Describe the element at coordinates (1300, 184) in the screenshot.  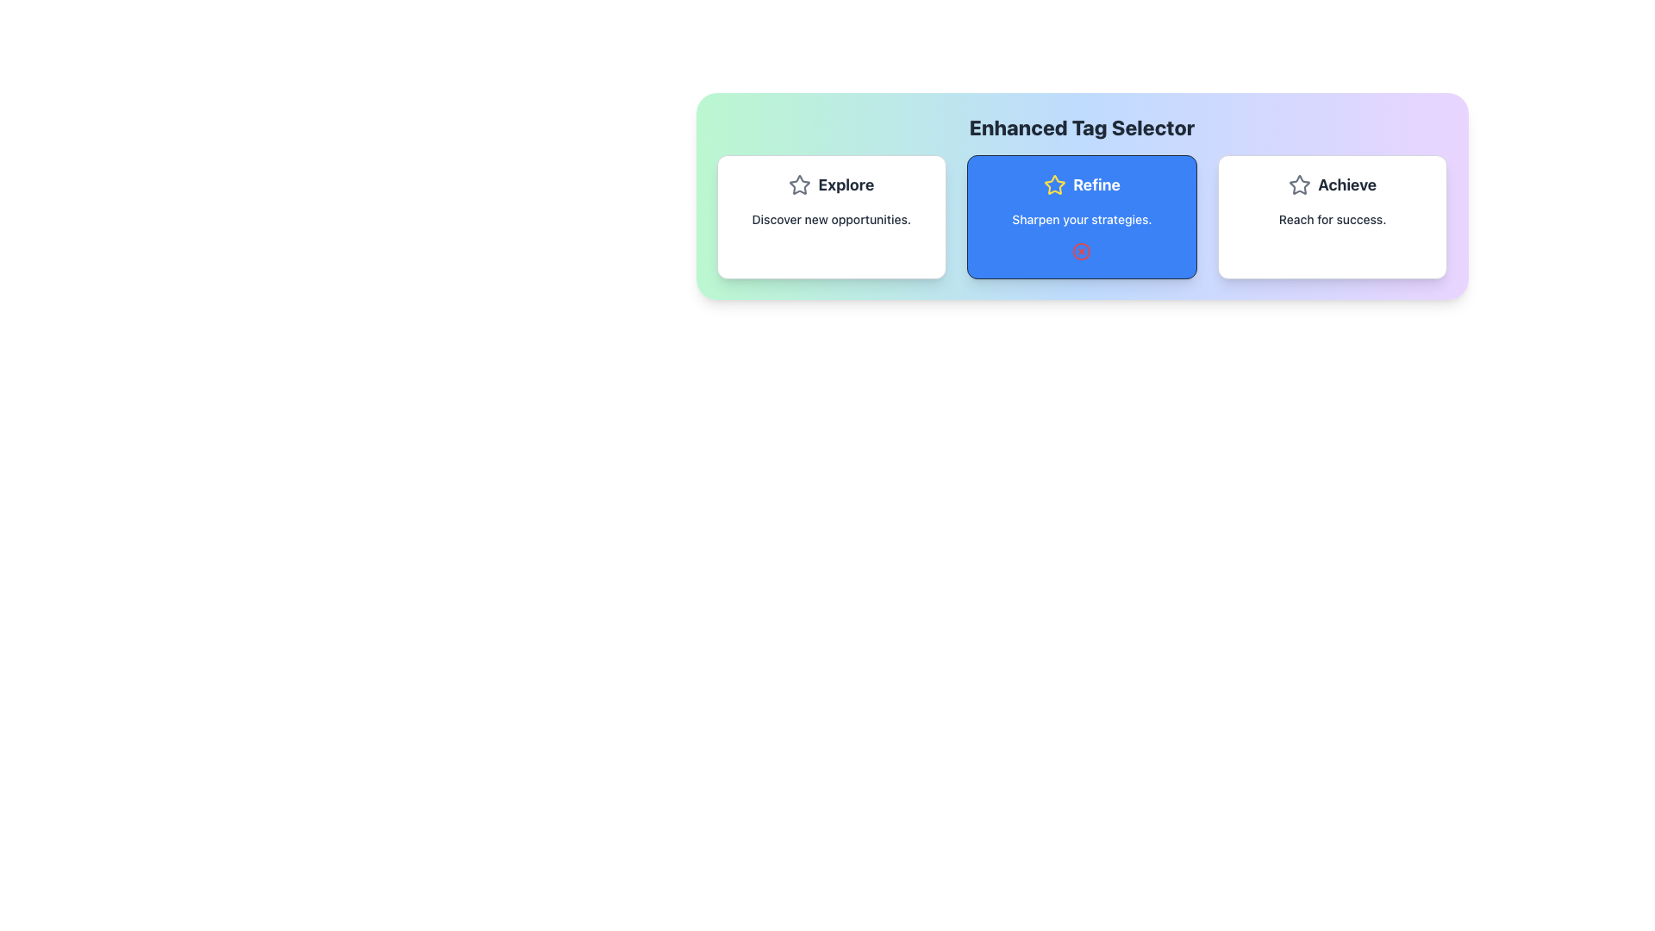
I see `the star icon in the blue-colored 'Refine' section of the horizontal navigation component, which serves as an indicator for enhancing the section's identity` at that location.